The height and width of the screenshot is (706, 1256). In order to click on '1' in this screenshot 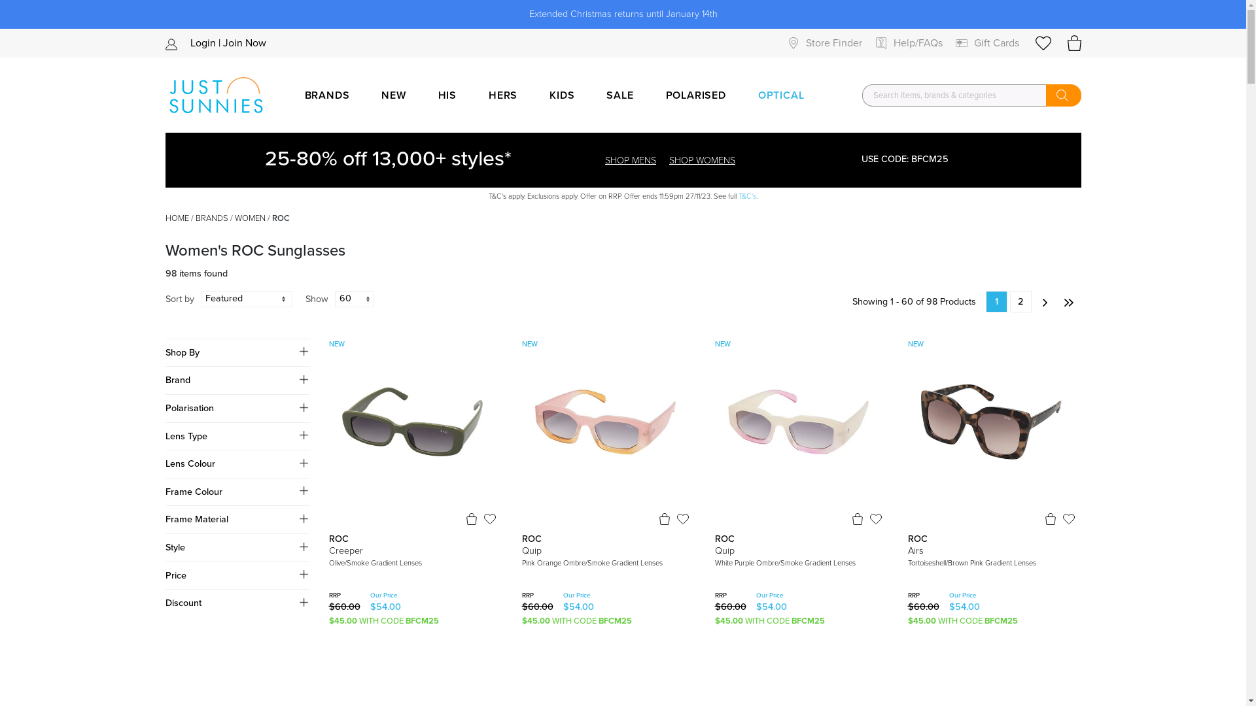, I will do `click(995, 301)`.